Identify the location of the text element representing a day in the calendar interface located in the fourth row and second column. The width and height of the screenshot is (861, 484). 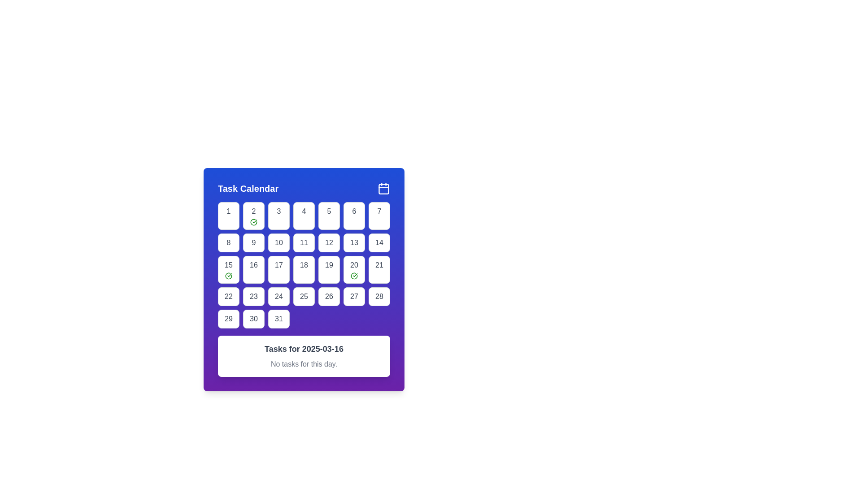
(253, 297).